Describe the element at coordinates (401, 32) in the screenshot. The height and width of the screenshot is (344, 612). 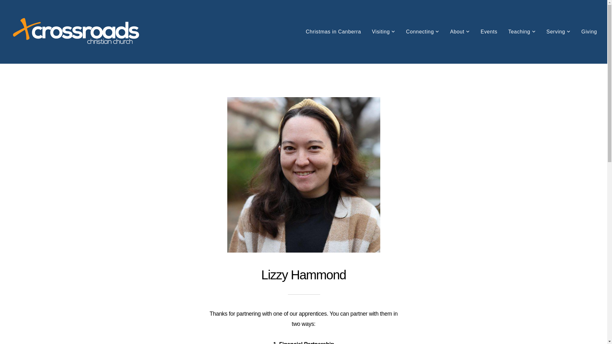
I see `'Connecting '` at that location.